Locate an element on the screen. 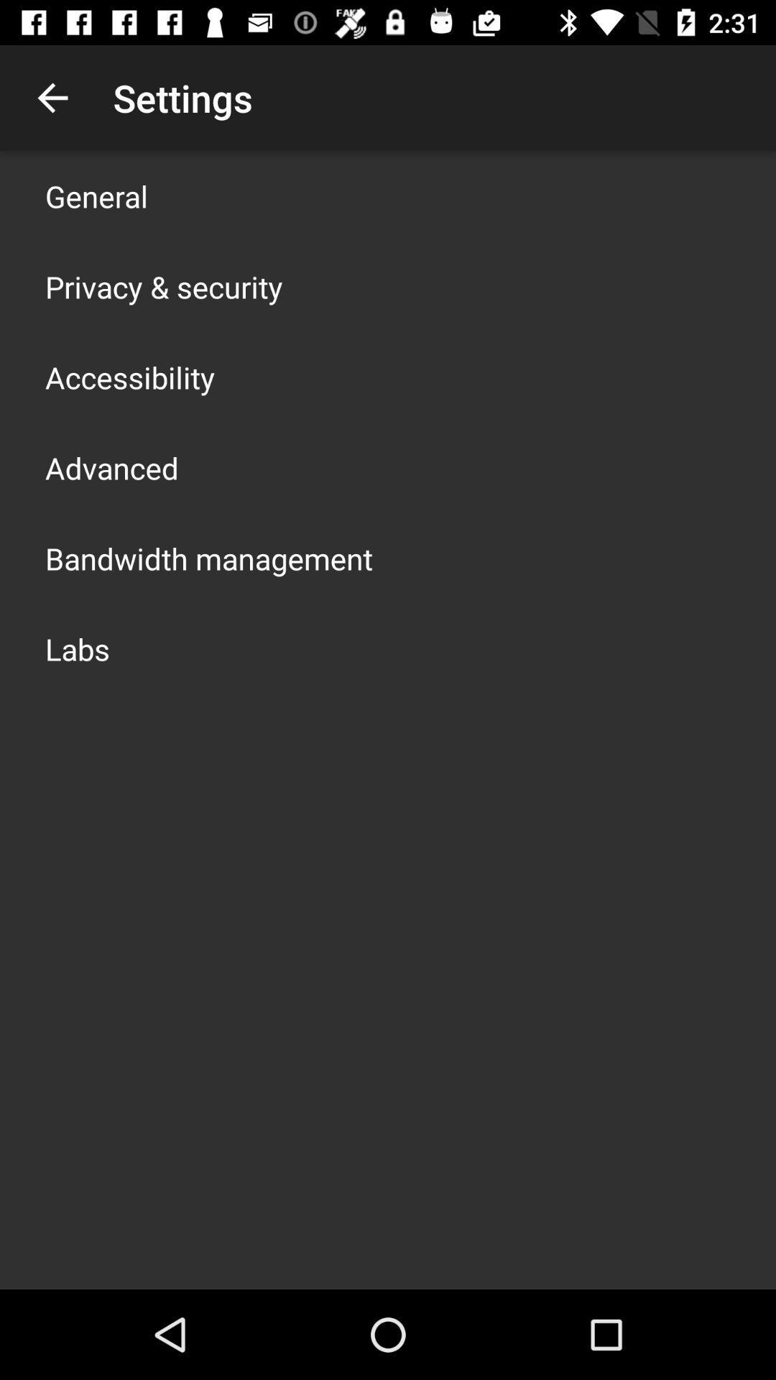 This screenshot has width=776, height=1380. the app below the advanced item is located at coordinates (208, 558).